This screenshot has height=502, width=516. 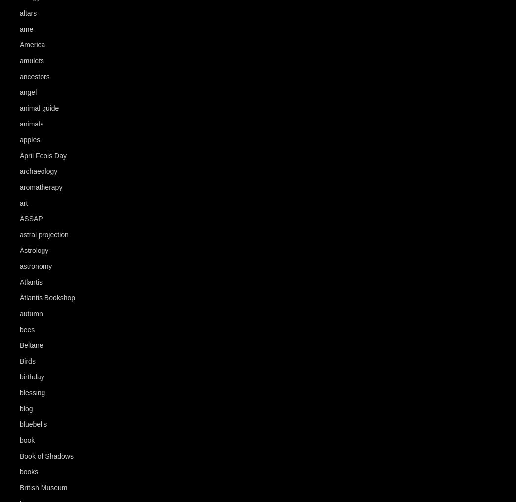 I want to click on 'British Museum', so click(x=43, y=488).